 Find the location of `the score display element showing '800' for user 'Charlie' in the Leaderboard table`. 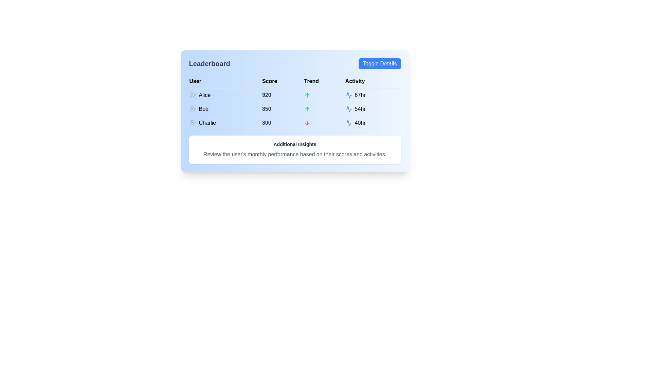

the score display element showing '800' for user 'Charlie' in the Leaderboard table is located at coordinates (283, 123).